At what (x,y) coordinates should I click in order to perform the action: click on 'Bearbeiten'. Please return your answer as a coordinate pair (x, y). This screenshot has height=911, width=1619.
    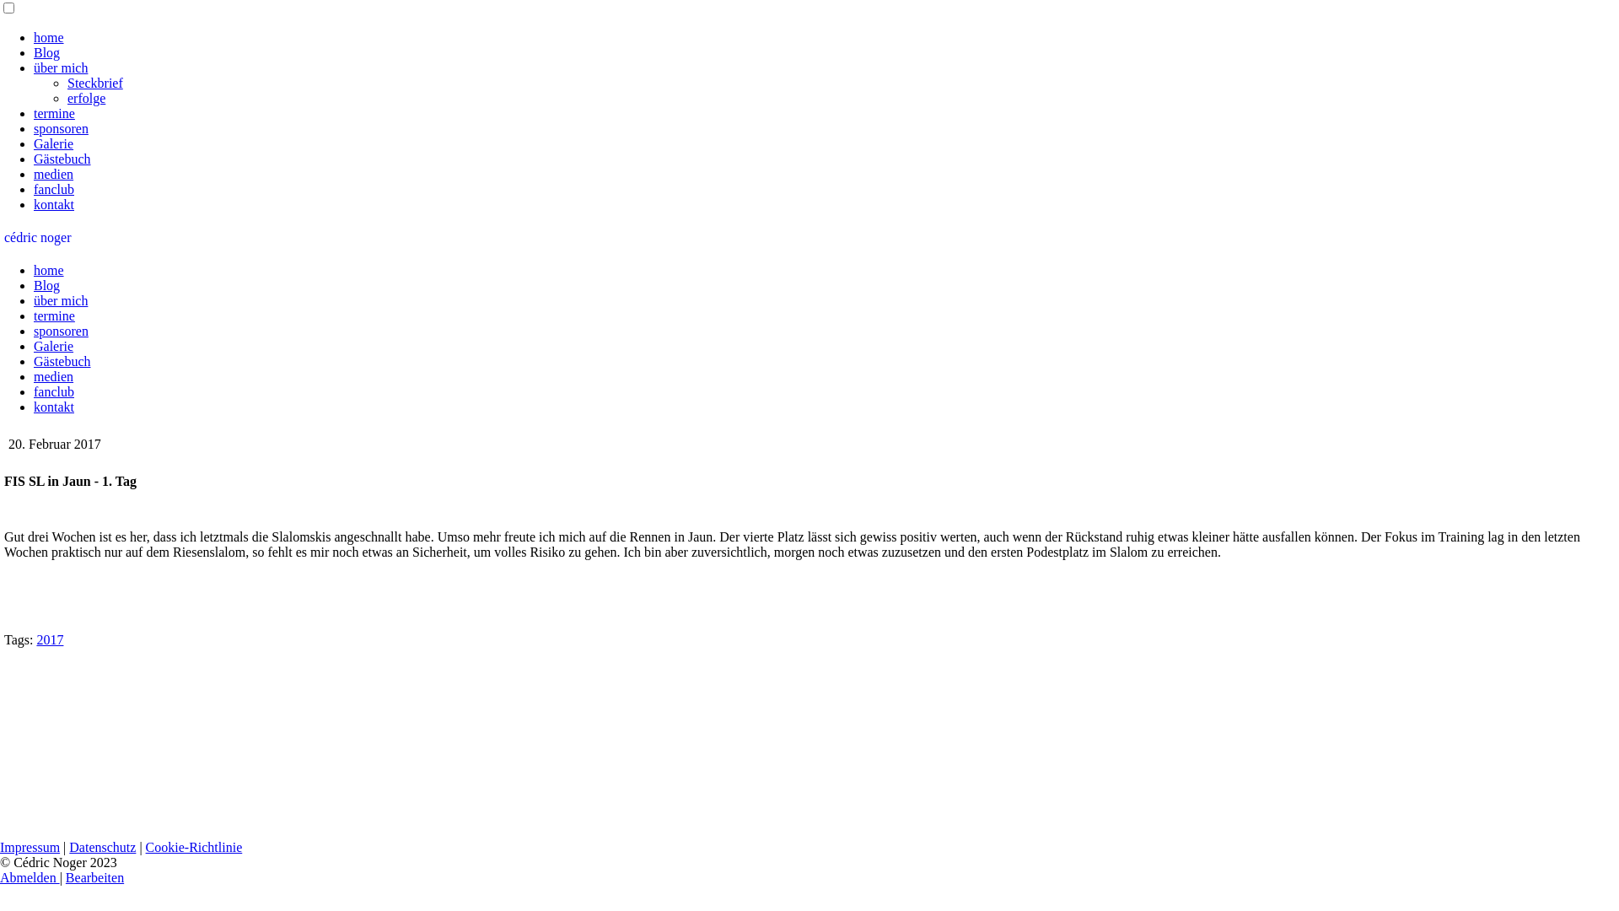
    Looking at the image, I should click on (94, 876).